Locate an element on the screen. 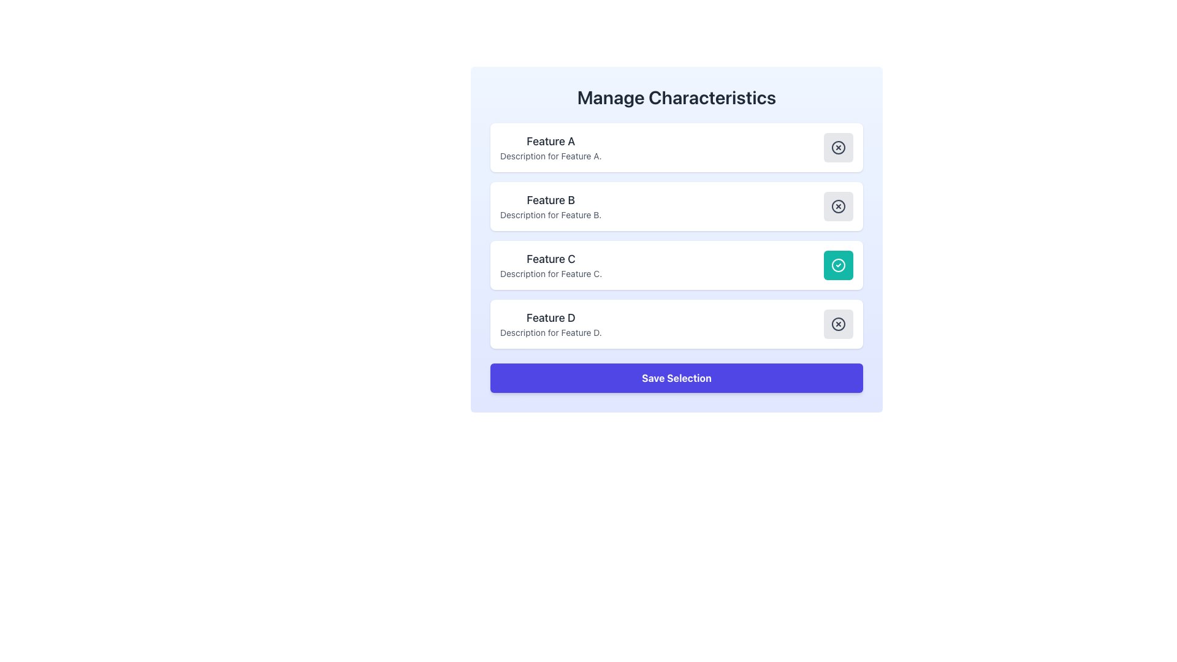  the text block titled 'Feature D' with the description 'Description for Feature D', which is the fourth item under 'Manage Characteristics' is located at coordinates (550, 323).